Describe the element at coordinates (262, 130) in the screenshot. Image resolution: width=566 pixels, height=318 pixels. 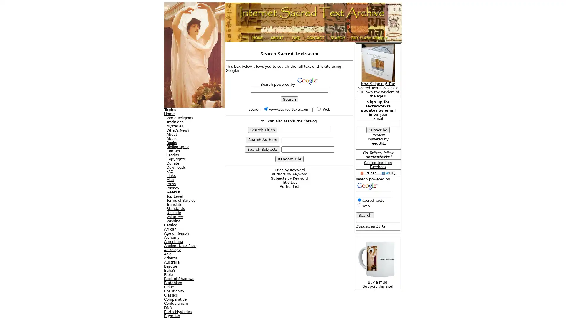
I see `Search Titles` at that location.